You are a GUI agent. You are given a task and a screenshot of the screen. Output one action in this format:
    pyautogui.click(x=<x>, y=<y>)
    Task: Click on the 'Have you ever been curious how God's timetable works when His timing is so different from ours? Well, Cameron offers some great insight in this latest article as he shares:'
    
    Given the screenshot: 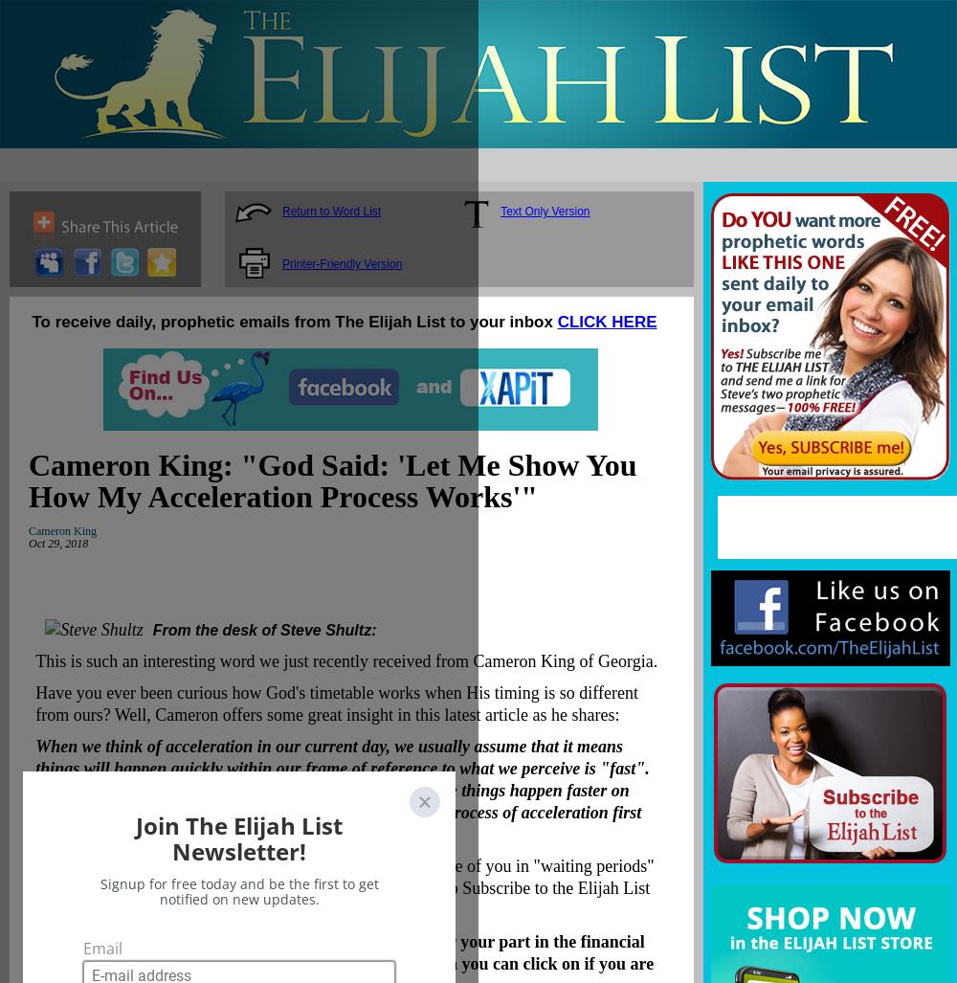 What is the action you would take?
    pyautogui.click(x=335, y=704)
    